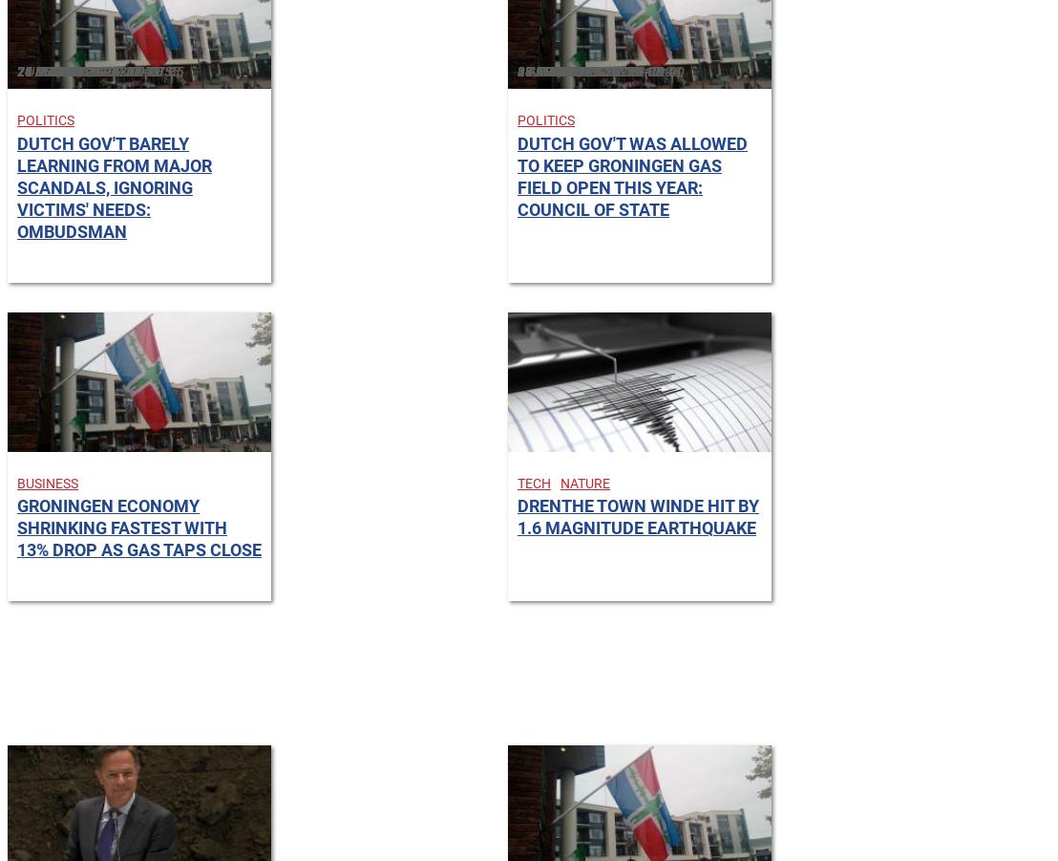 Image resolution: width=1058 pixels, height=861 pixels. I want to click on 'Groningen economy shrinking fastest with 13% drop as gas taps close', so click(138, 527).